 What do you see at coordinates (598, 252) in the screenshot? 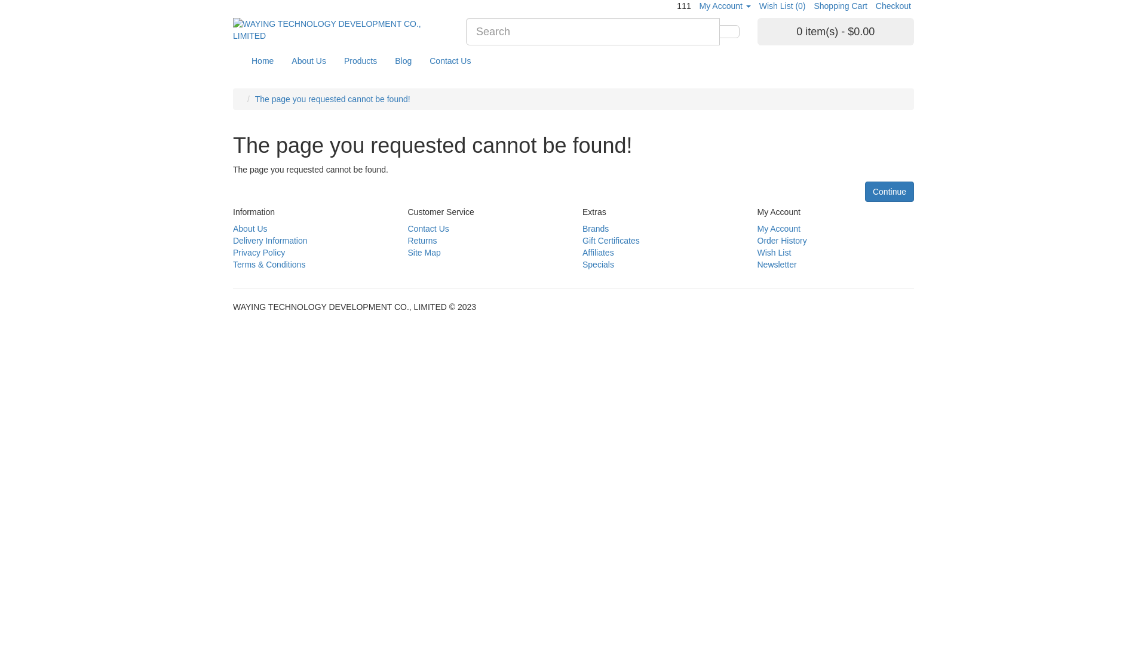
I see `'Affiliates'` at bounding box center [598, 252].